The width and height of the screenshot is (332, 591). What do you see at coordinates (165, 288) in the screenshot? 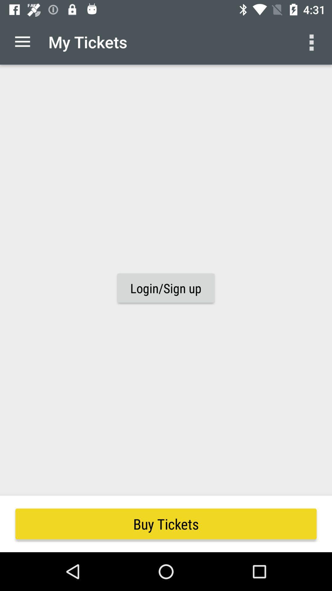
I see `item above the buy tickets` at bounding box center [165, 288].